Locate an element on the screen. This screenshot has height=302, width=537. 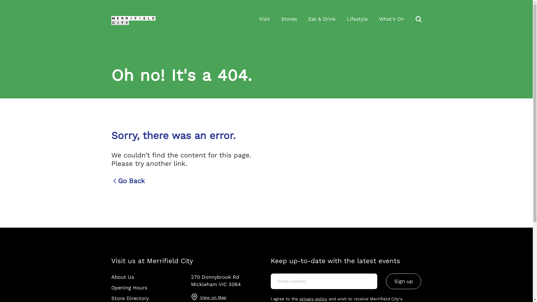
'View on Map' is located at coordinates (200, 297).